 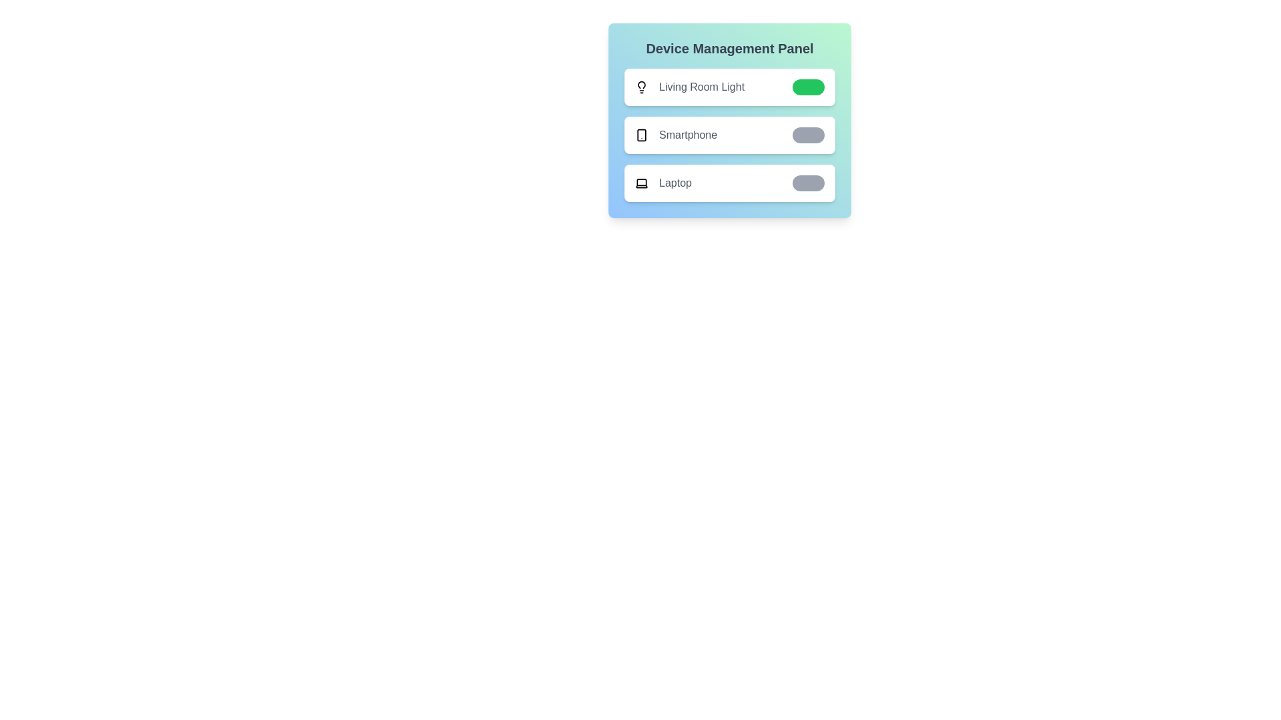 What do you see at coordinates (729, 48) in the screenshot?
I see `the center of the title text 'Device Management Panel'` at bounding box center [729, 48].